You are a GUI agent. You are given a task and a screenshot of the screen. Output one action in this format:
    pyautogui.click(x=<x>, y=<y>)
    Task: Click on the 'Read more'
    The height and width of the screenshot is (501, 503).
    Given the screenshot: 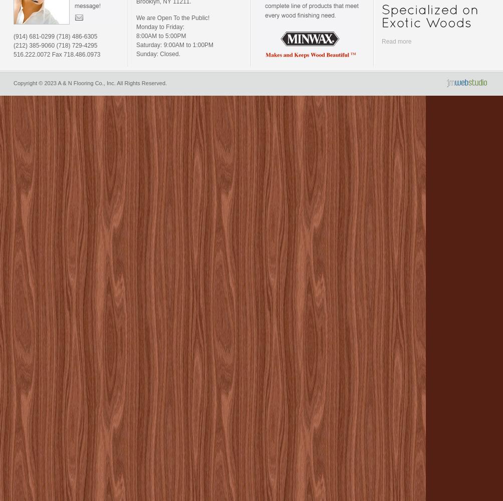 What is the action you would take?
    pyautogui.click(x=382, y=41)
    